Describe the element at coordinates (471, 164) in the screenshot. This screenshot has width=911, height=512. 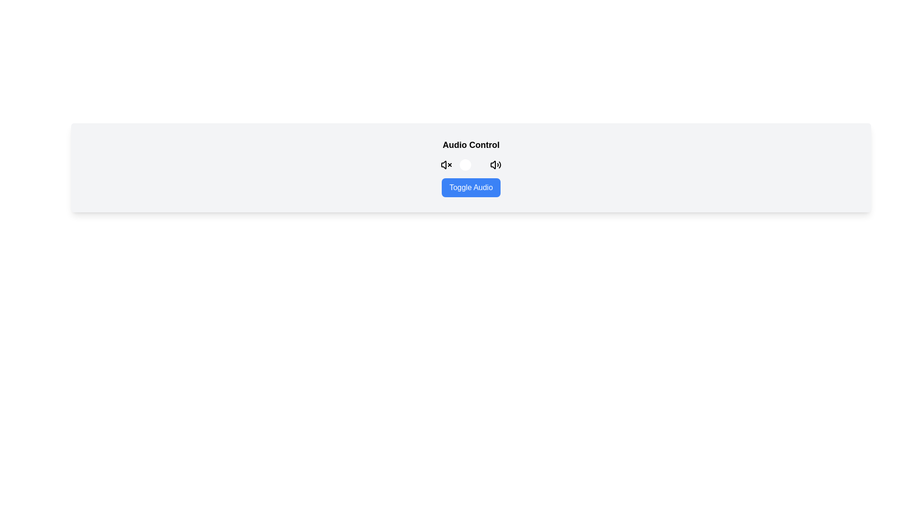
I see `the toggle button to switch between mute and unmute states` at that location.